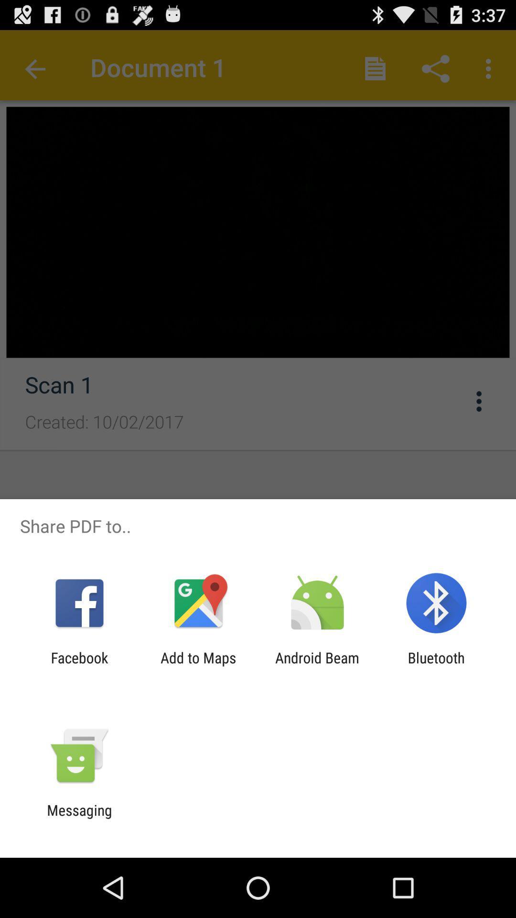  I want to click on the icon to the right of facebook item, so click(198, 666).